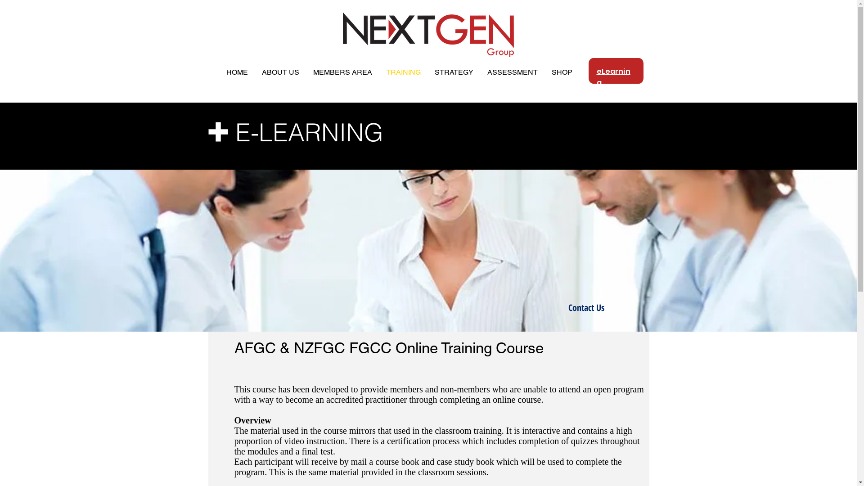 The height and width of the screenshot is (486, 864). I want to click on 'TRAINING', so click(403, 72).